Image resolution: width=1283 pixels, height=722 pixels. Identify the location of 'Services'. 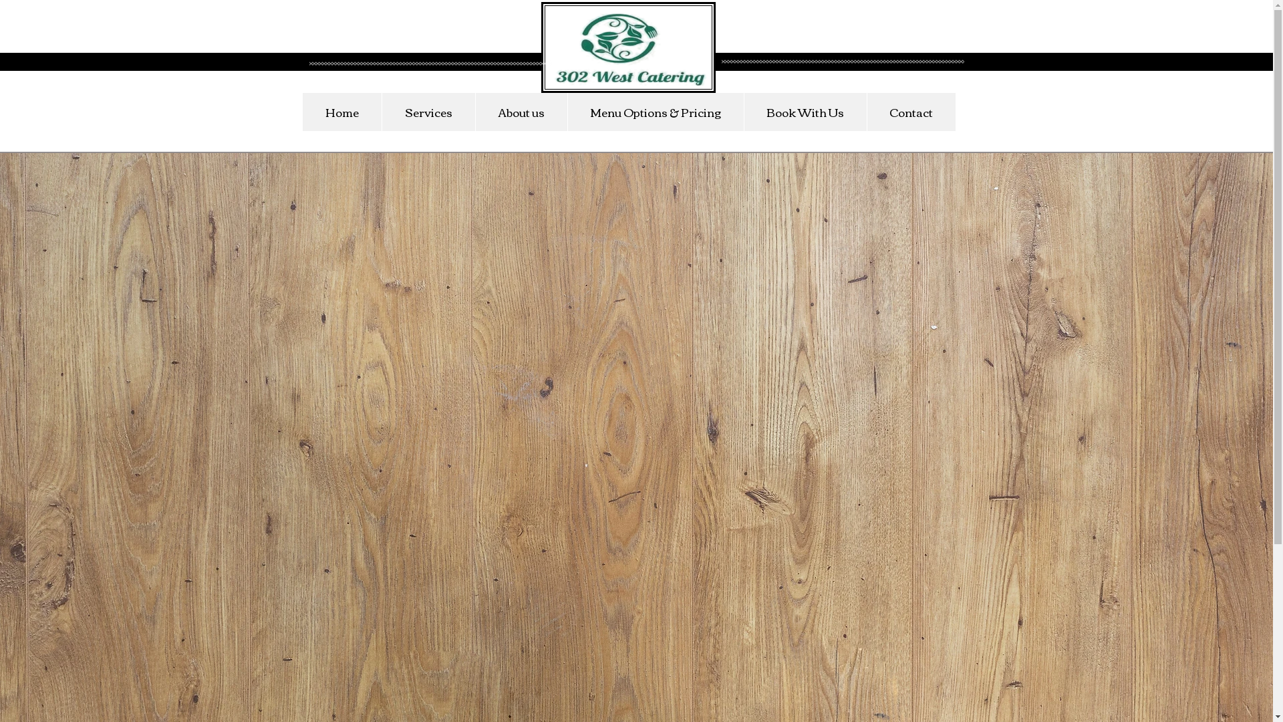
(426, 111).